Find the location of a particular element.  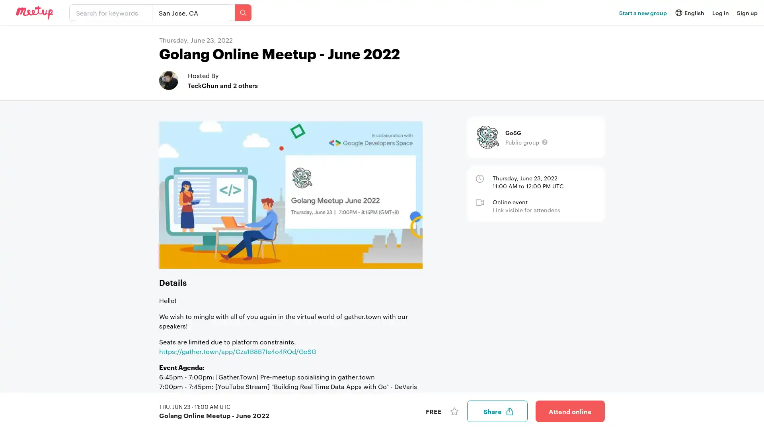

Share event is located at coordinates (497, 411).